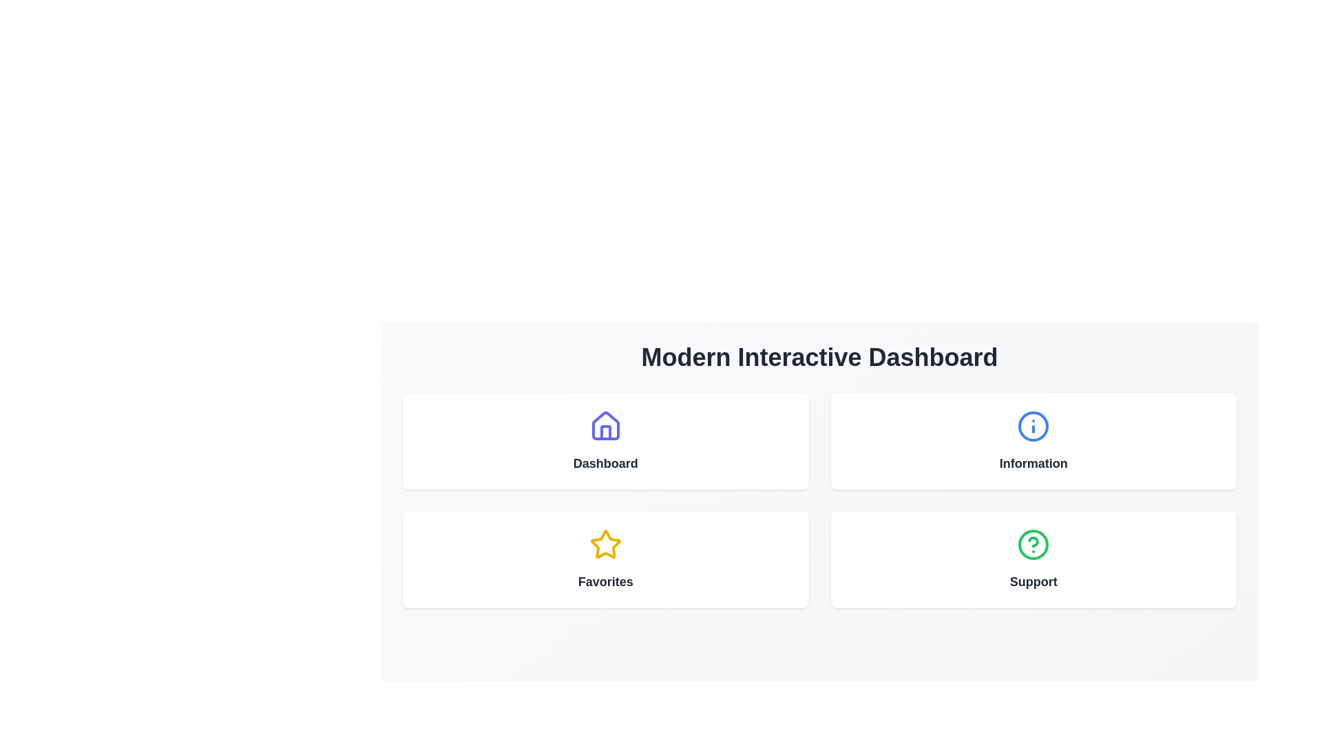  What do you see at coordinates (605, 543) in the screenshot?
I see `the vibrant yellow five-pointed star icon located in the bottom-left quadrant of the 'Favorites' card in the navigation panel` at bounding box center [605, 543].